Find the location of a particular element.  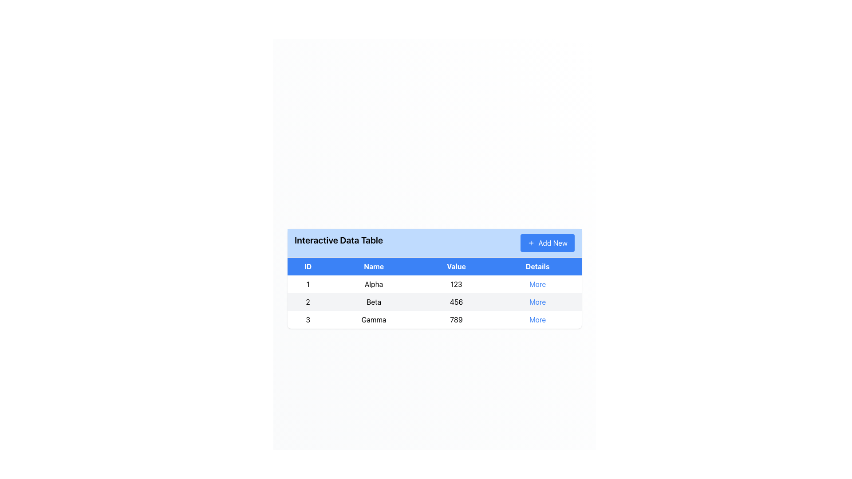

the bold numeral '789' displayed in black font, located in the third row and third column of the table under the 'Value' column is located at coordinates (456, 319).